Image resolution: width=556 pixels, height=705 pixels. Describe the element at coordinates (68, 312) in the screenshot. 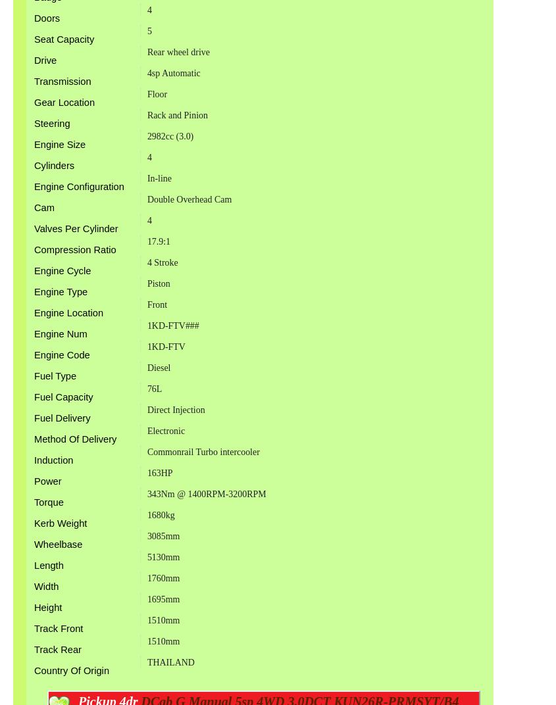

I see `'Engine Location'` at that location.